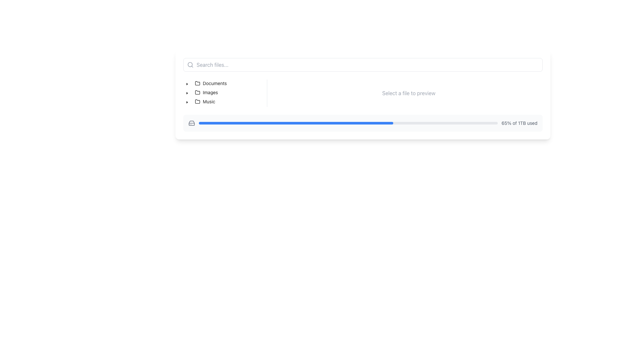  Describe the element at coordinates (200, 102) in the screenshot. I see `the 'Music' folder item in the file explorer tree structure` at that location.